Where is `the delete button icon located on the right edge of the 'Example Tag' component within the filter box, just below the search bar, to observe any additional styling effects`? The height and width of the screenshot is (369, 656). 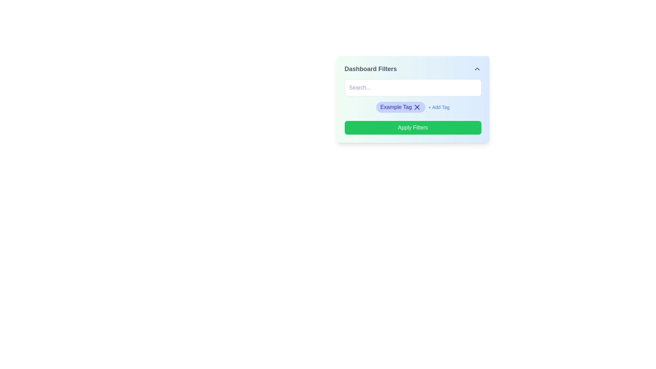 the delete button icon located on the right edge of the 'Example Tag' component within the filter box, just below the search bar, to observe any additional styling effects is located at coordinates (417, 107).